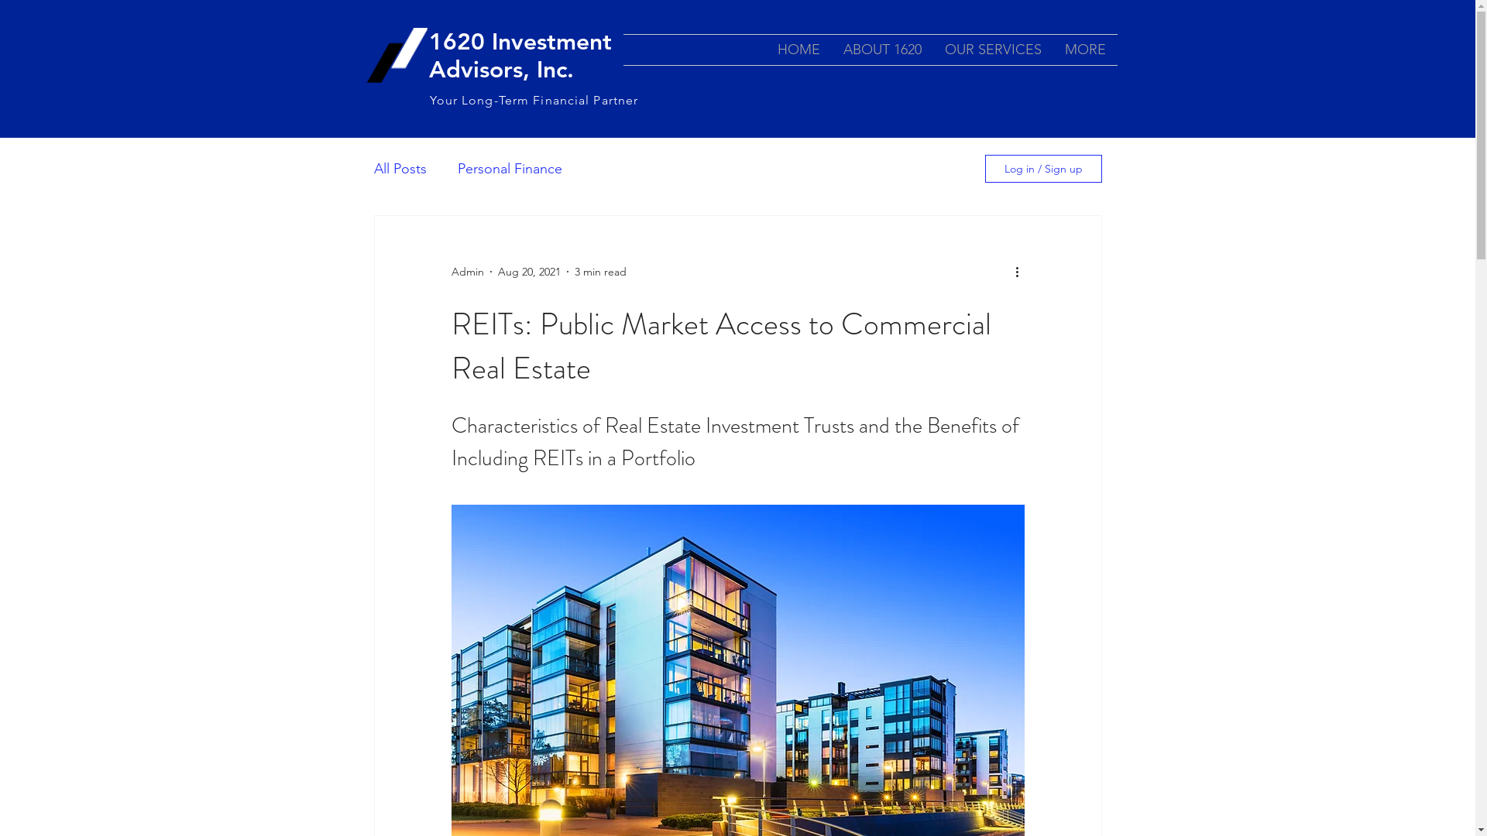  I want to click on 'Log in / Sign up', so click(1043, 169).